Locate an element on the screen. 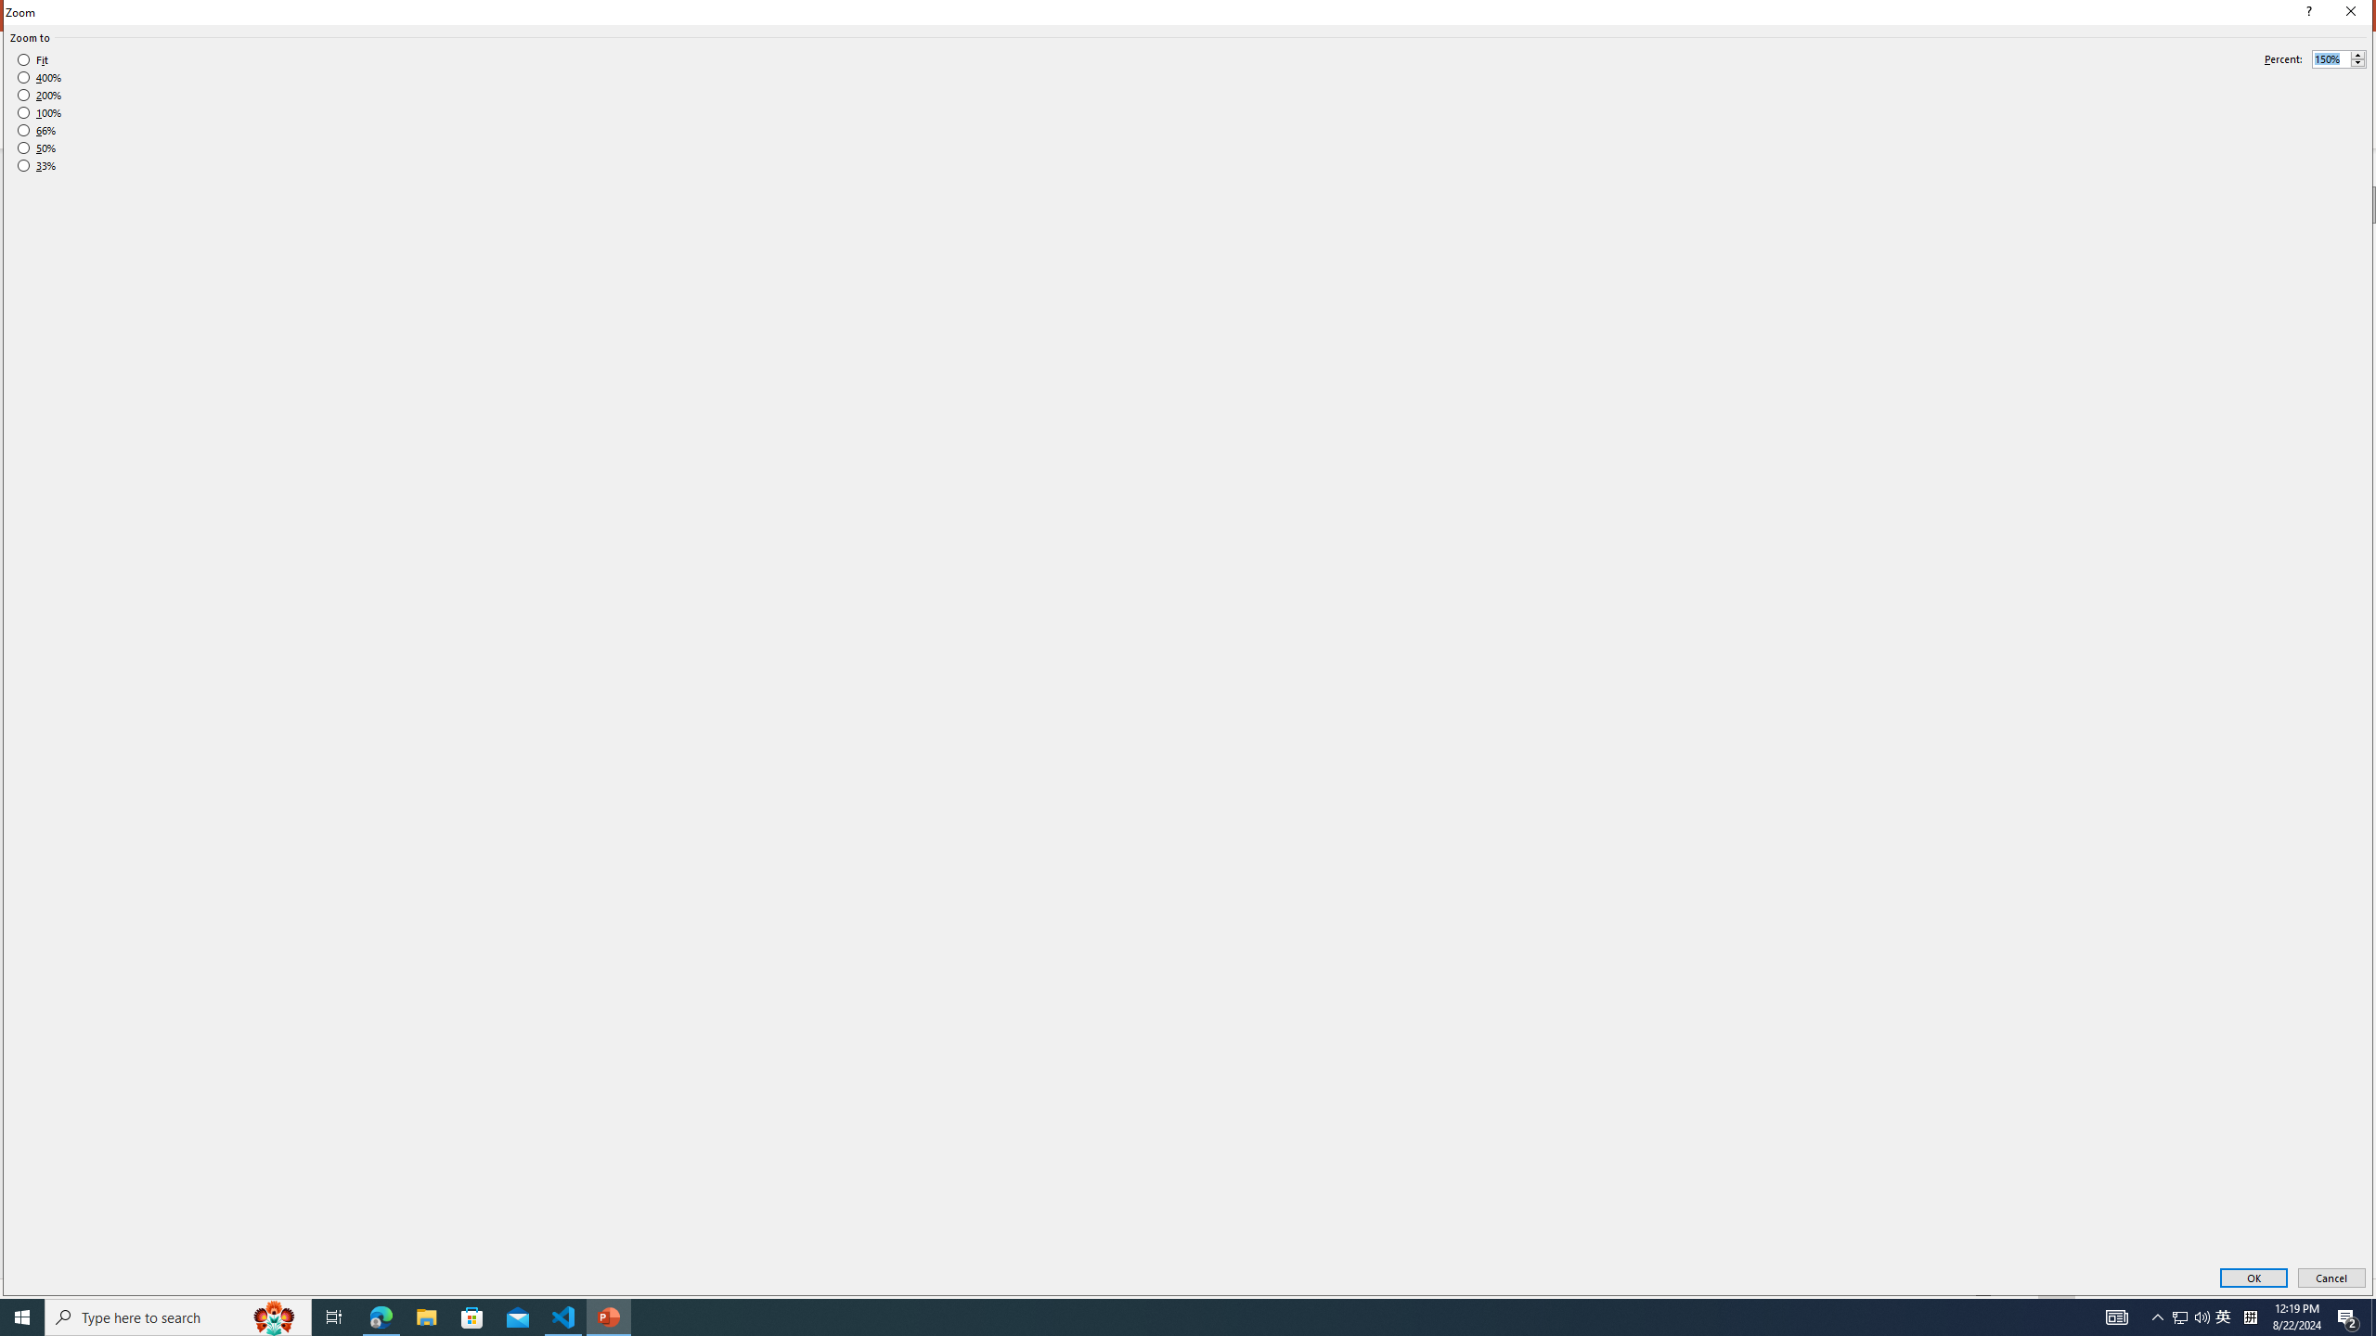 This screenshot has height=1336, width=2376. 'OK' is located at coordinates (2253, 1278).